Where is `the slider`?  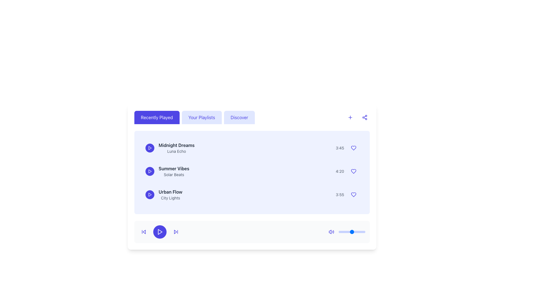 the slider is located at coordinates (350, 232).